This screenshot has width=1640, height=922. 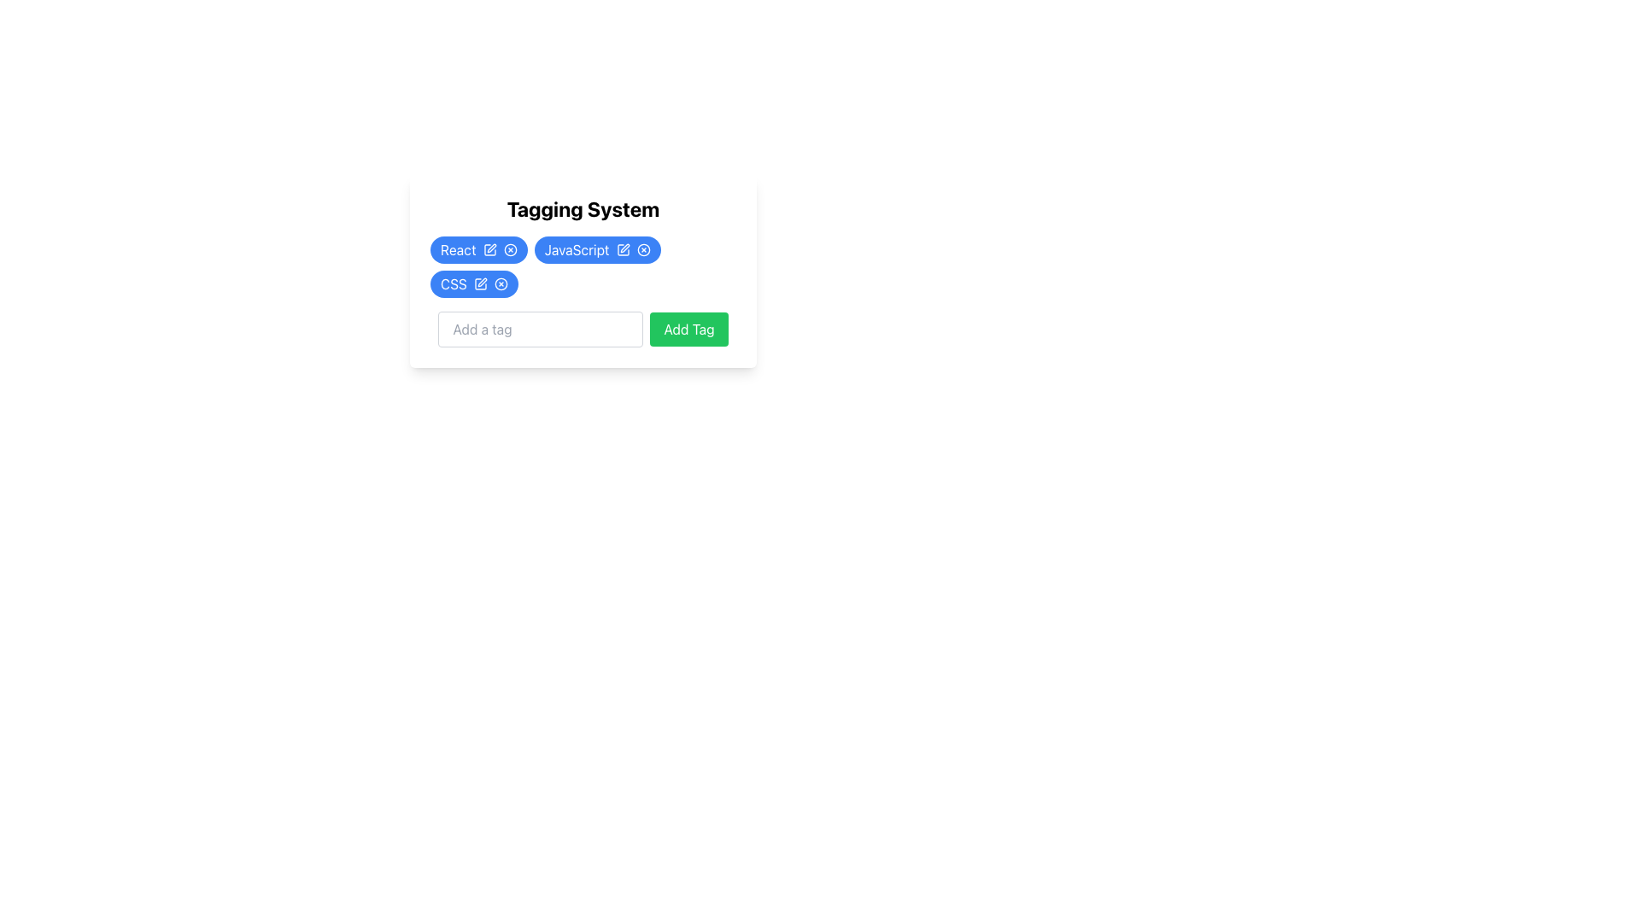 What do you see at coordinates (577, 250) in the screenshot?
I see `the text element displaying 'JavaScript' which is located in a blue capsule-like background, positioned in the second tag of a vertical list` at bounding box center [577, 250].